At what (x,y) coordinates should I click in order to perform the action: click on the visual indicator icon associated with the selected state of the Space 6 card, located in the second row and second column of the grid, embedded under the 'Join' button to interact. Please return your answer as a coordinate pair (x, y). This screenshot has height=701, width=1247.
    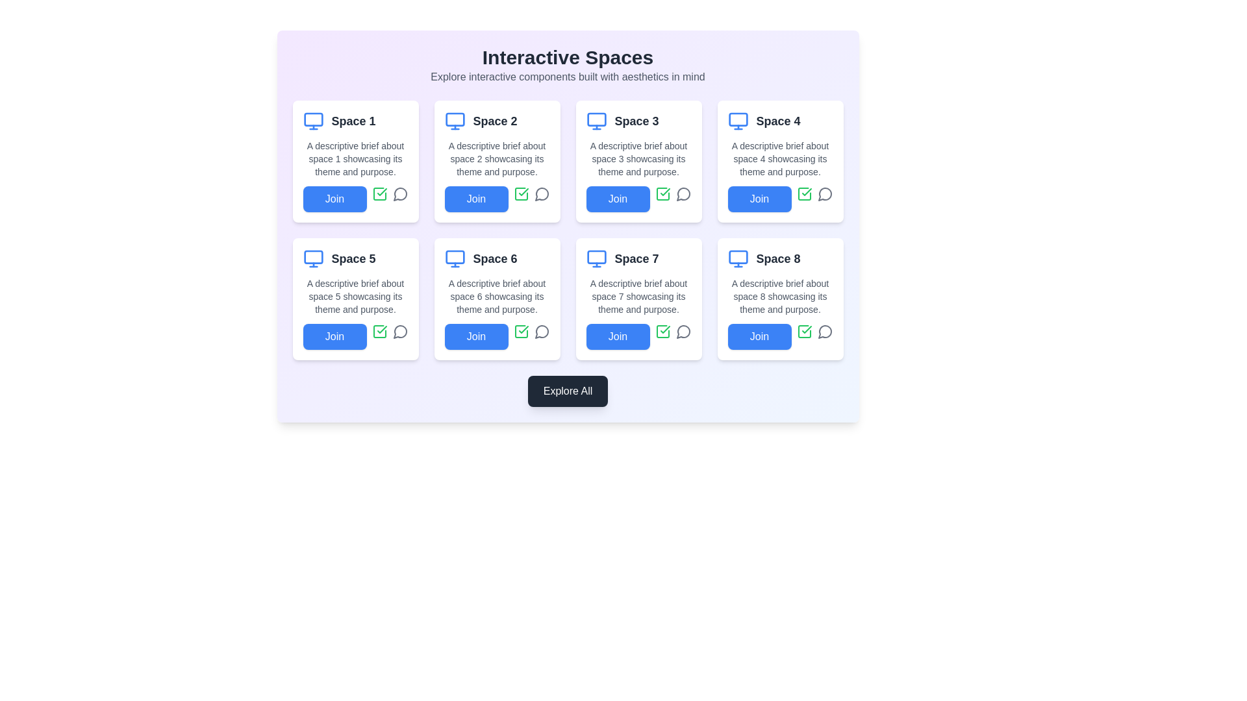
    Looking at the image, I should click on (523, 329).